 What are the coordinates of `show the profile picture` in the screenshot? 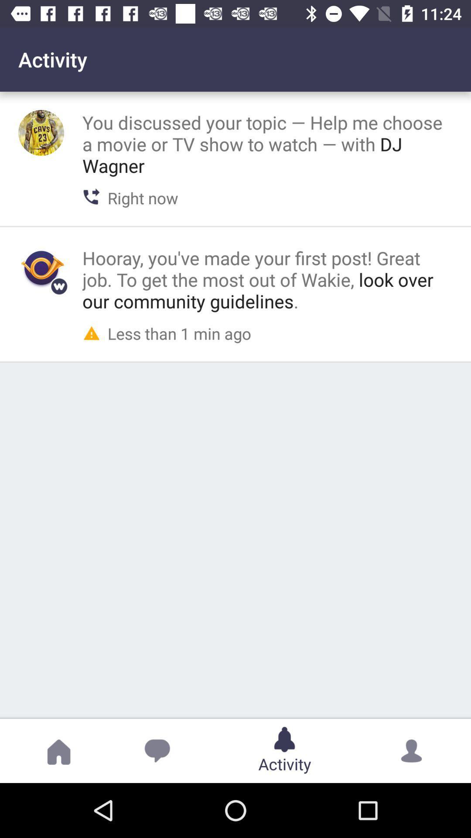 It's located at (41, 132).